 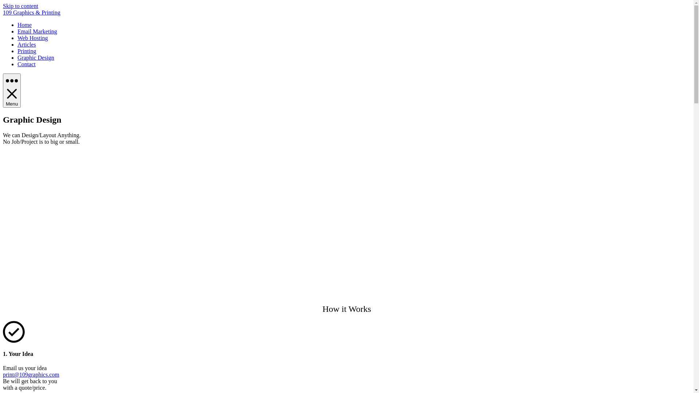 What do you see at coordinates (32, 38) in the screenshot?
I see `'Web Hosting'` at bounding box center [32, 38].